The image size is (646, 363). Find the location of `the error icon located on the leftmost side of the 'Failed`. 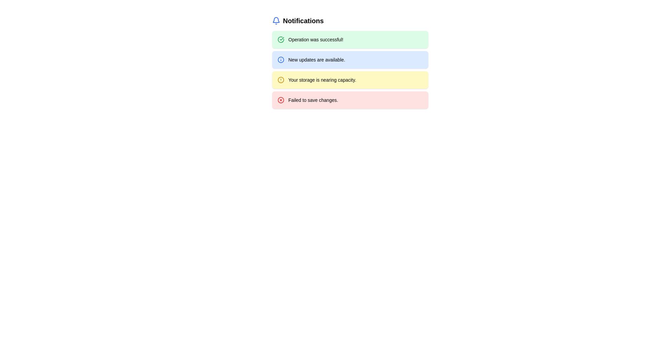

the error icon located on the leftmost side of the 'Failed is located at coordinates (281, 100).